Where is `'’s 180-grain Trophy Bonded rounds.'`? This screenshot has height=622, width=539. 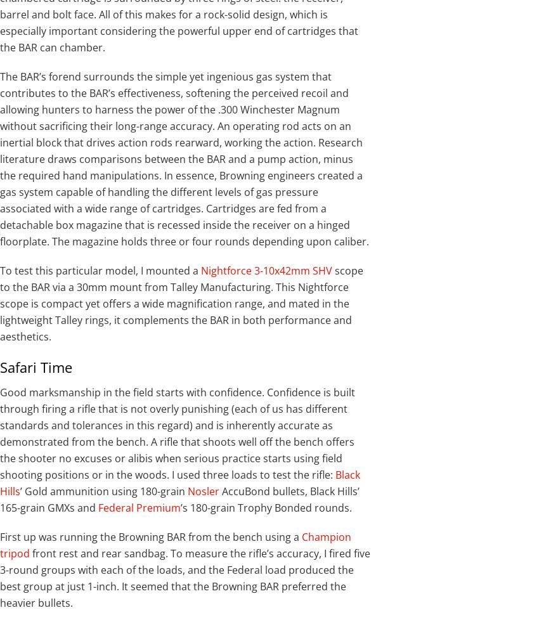
'’s 180-grain Trophy Bonded rounds.' is located at coordinates (266, 507).